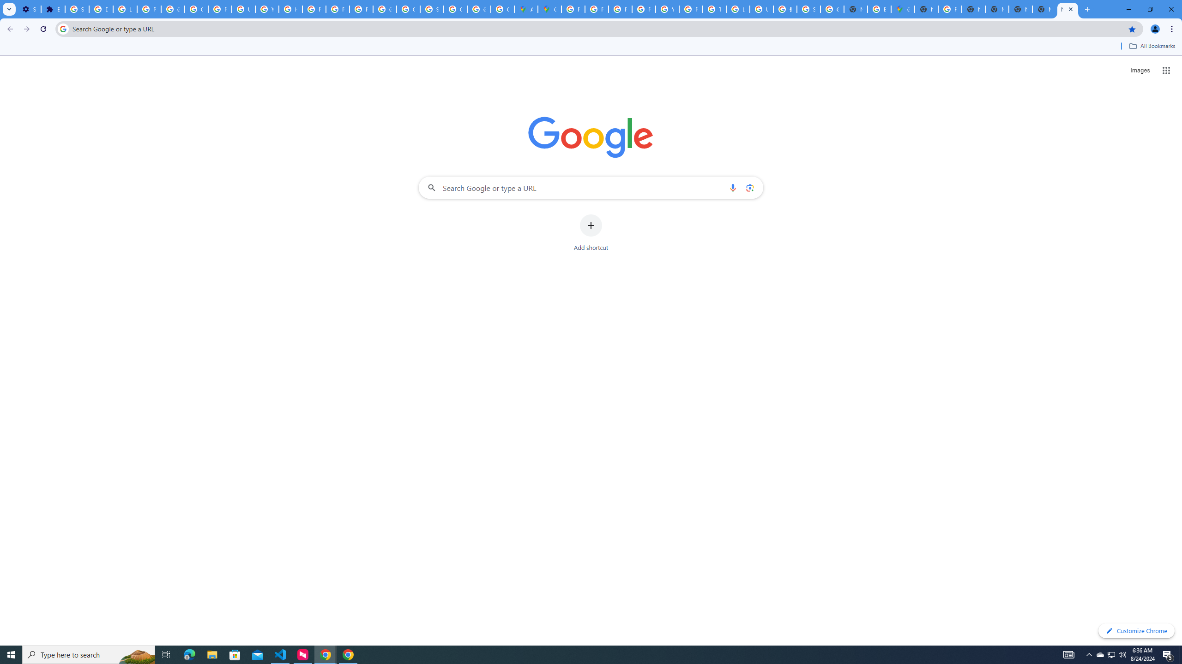 The height and width of the screenshot is (664, 1182). I want to click on 'New Tab', so click(1067, 9).